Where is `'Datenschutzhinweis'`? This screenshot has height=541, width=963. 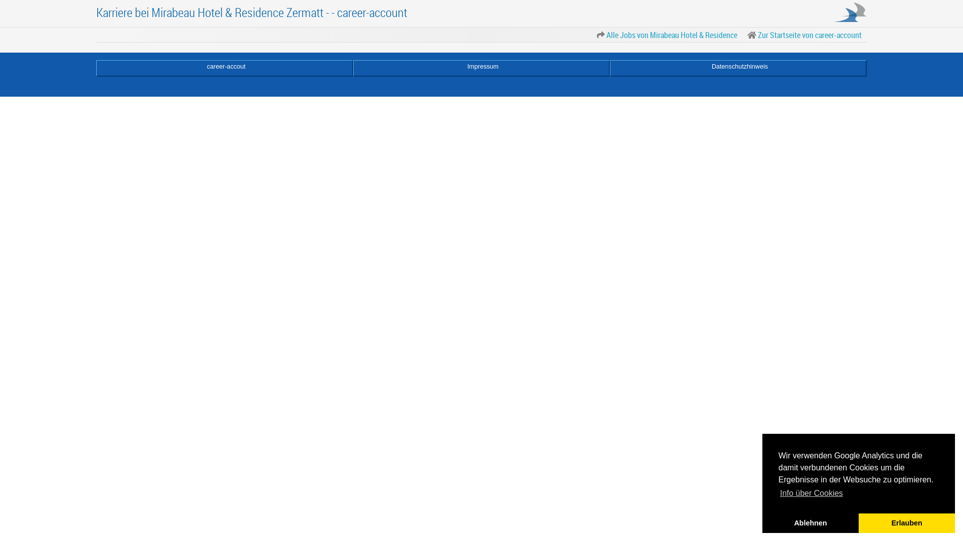
'Datenschutzhinweis' is located at coordinates (738, 68).